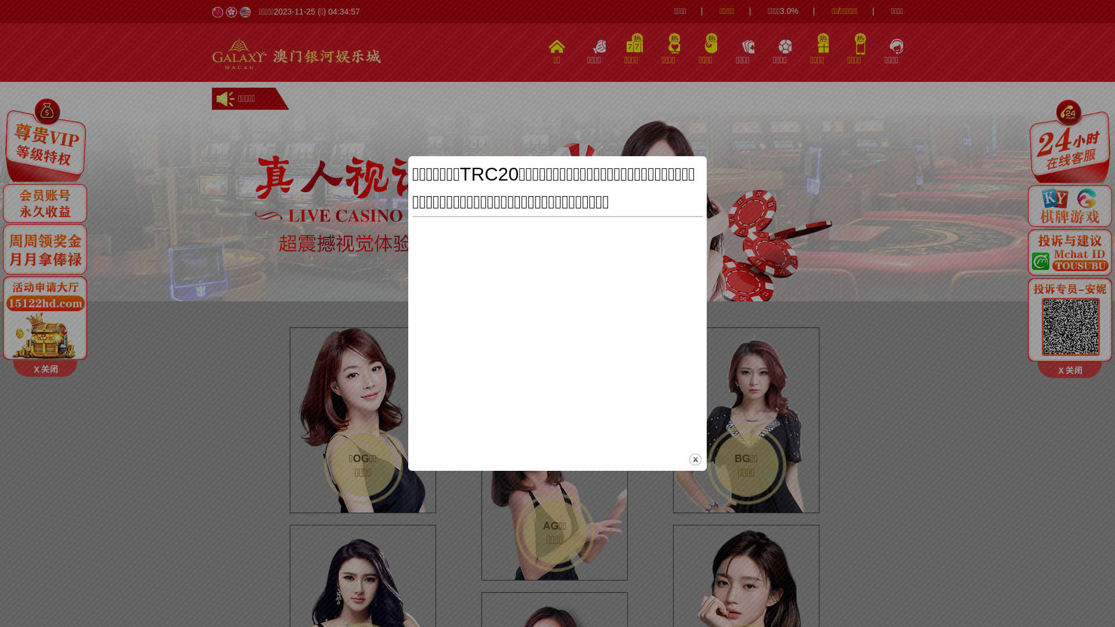 The height and width of the screenshot is (627, 1115). Describe the element at coordinates (695, 459) in the screenshot. I see `'close'` at that location.